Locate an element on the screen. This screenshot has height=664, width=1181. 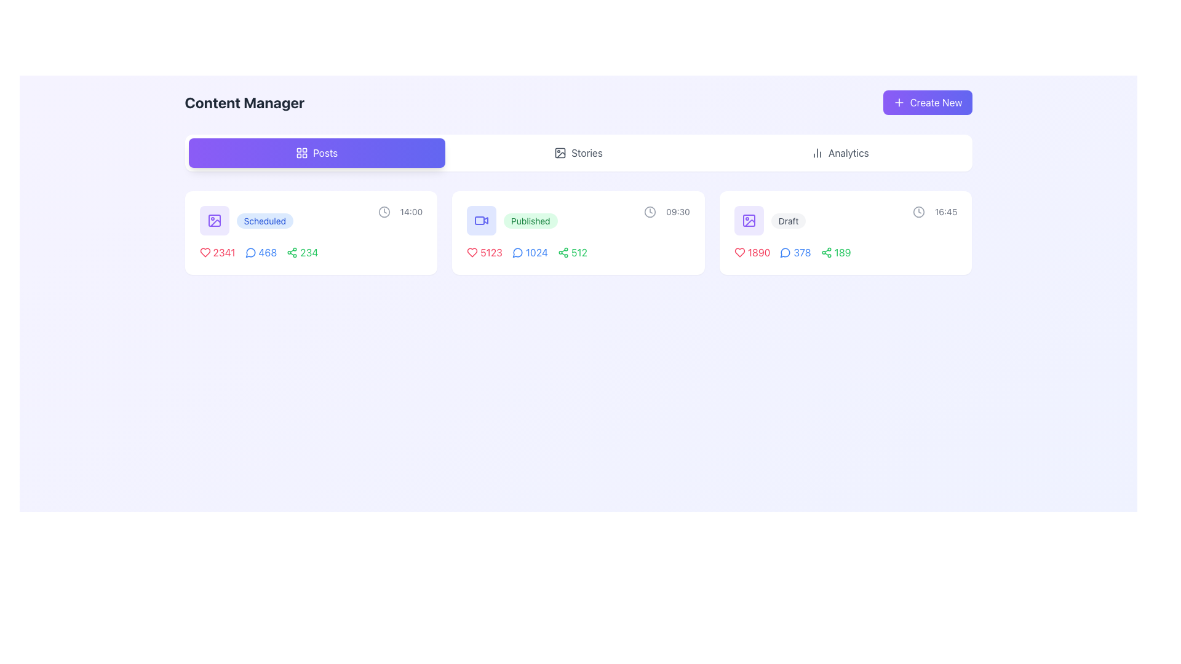
the video recording feature represented by the video camera icon located at the center of the middle card under the 'Posts' section, which is marked as 'Published' is located at coordinates (479, 219).